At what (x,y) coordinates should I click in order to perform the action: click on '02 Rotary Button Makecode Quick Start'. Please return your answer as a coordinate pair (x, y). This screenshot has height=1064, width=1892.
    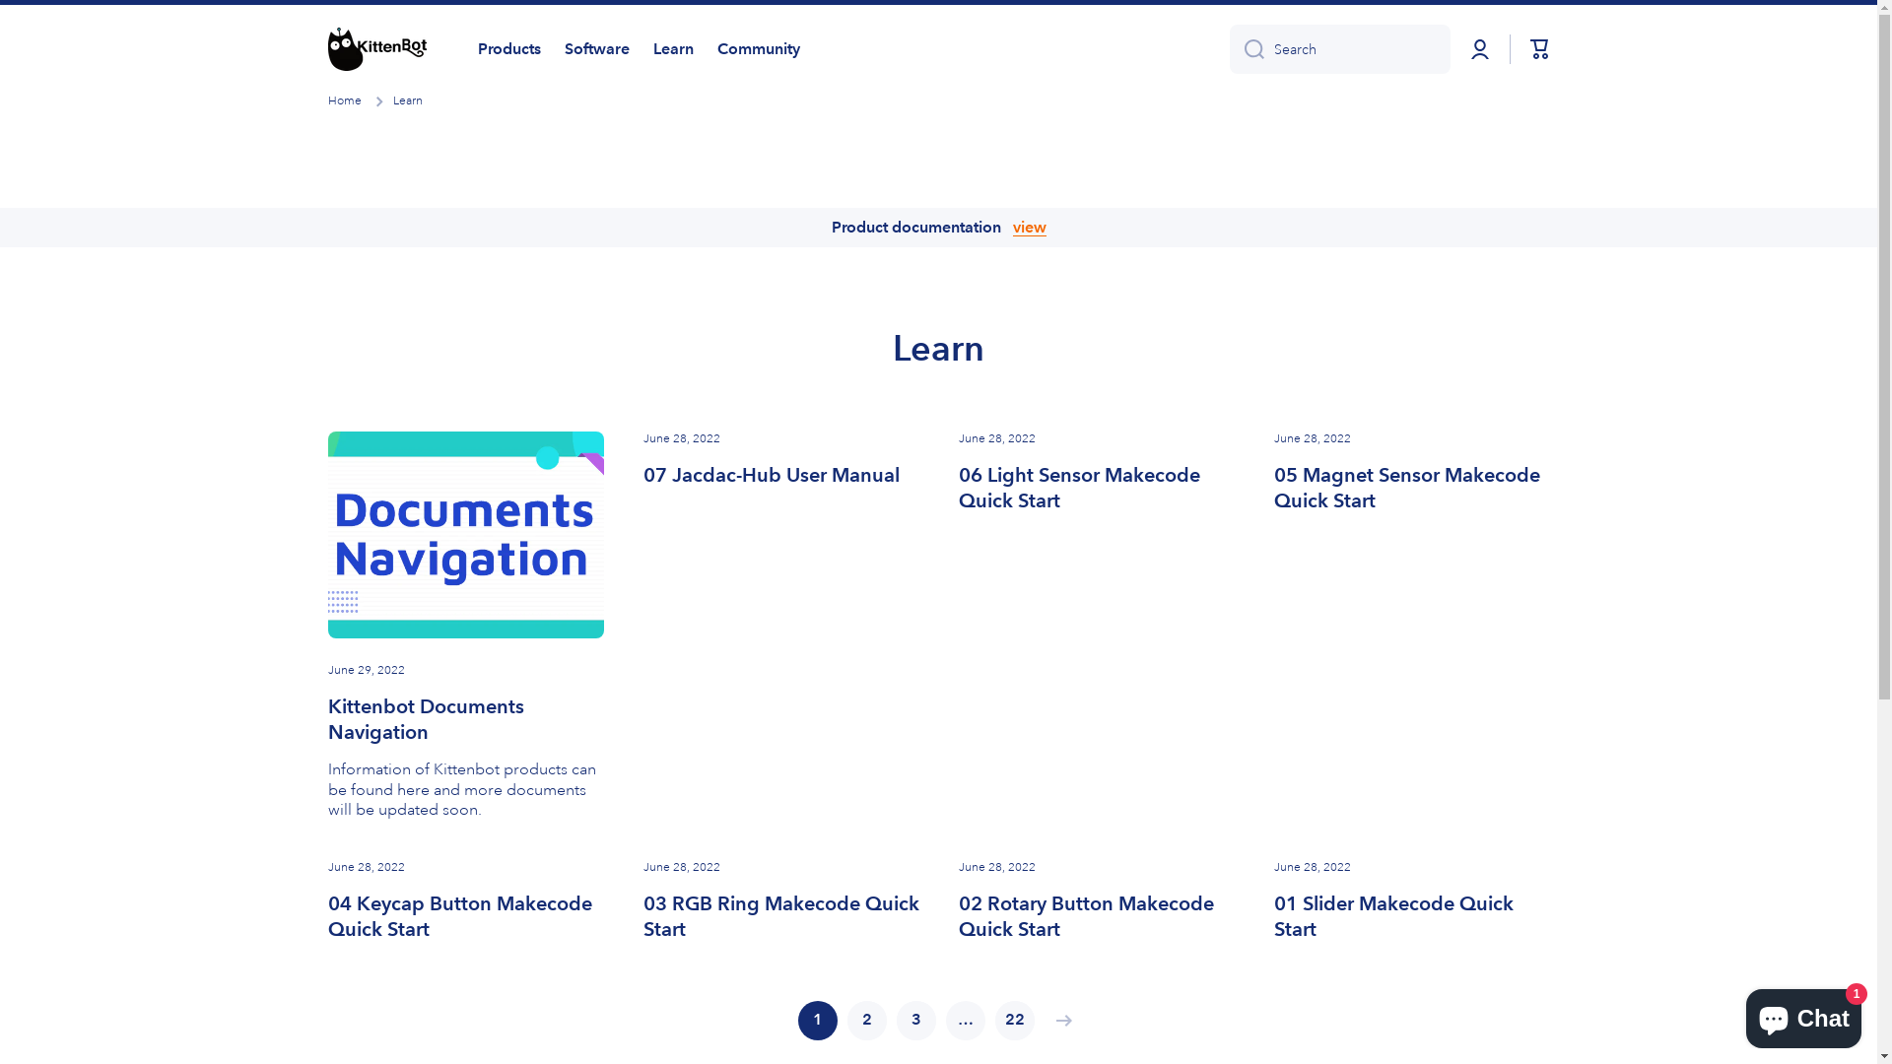
    Looking at the image, I should click on (1095, 915).